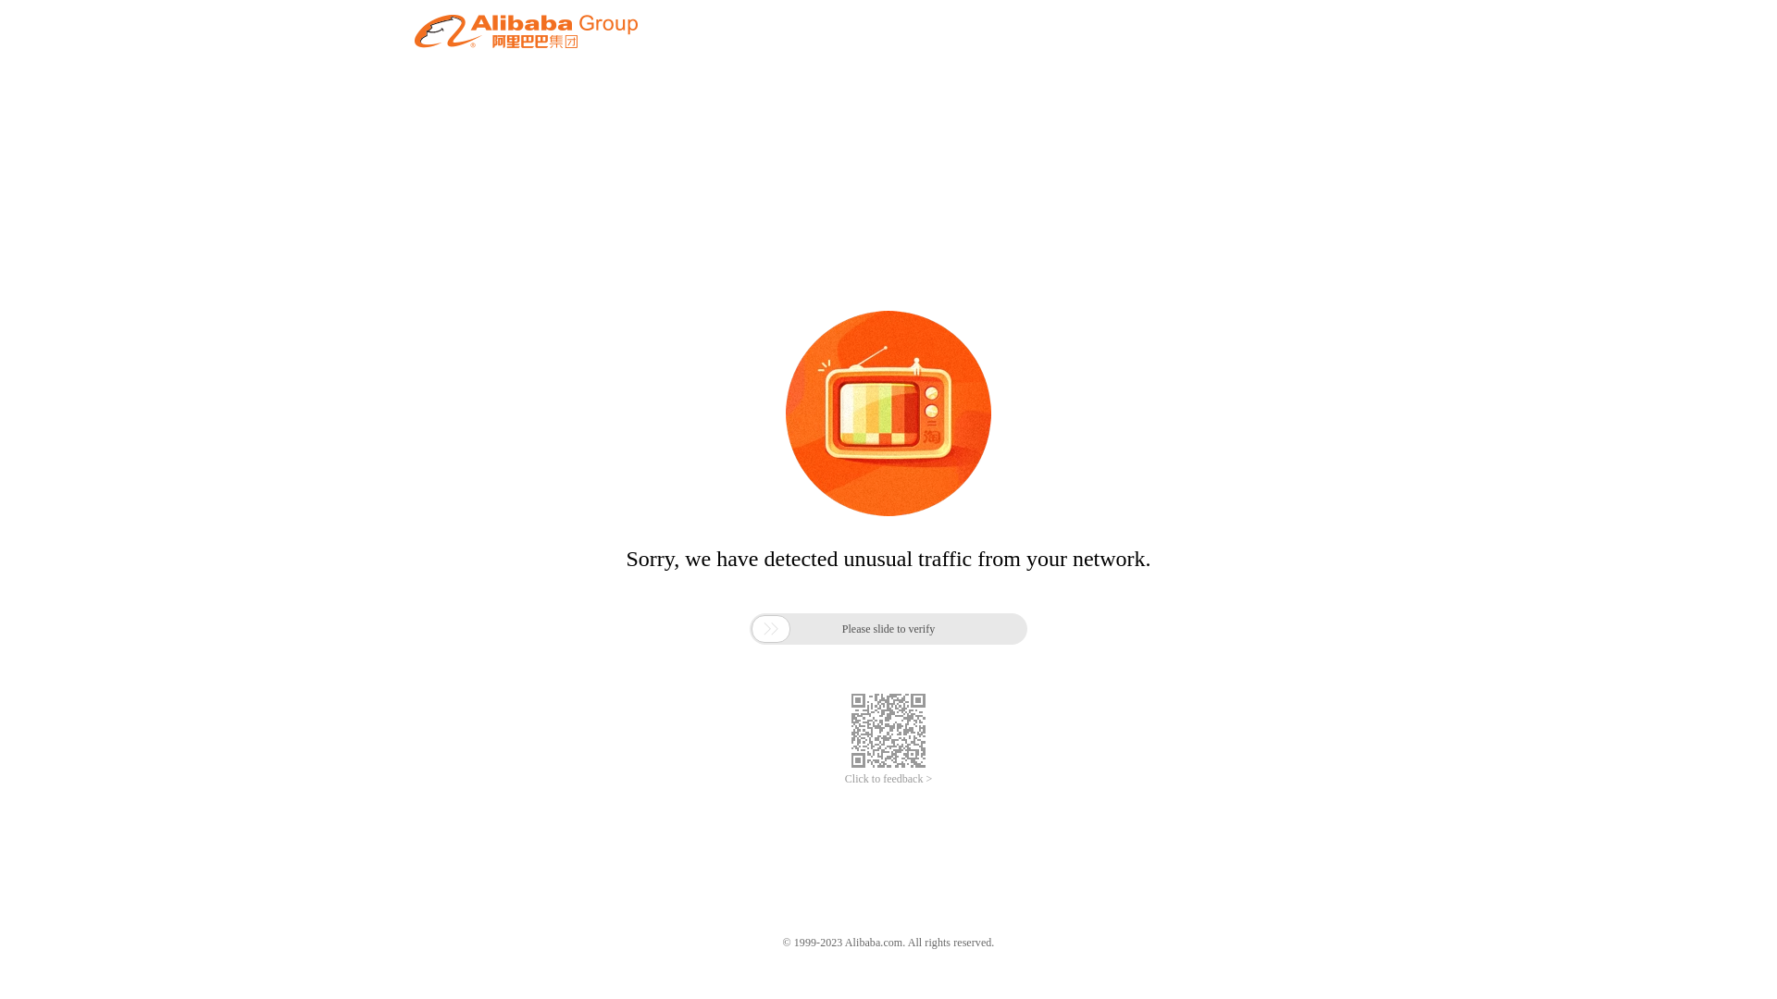 The height and width of the screenshot is (999, 1777). What do you see at coordinates (888, 779) in the screenshot?
I see `'Click to feedback >'` at bounding box center [888, 779].